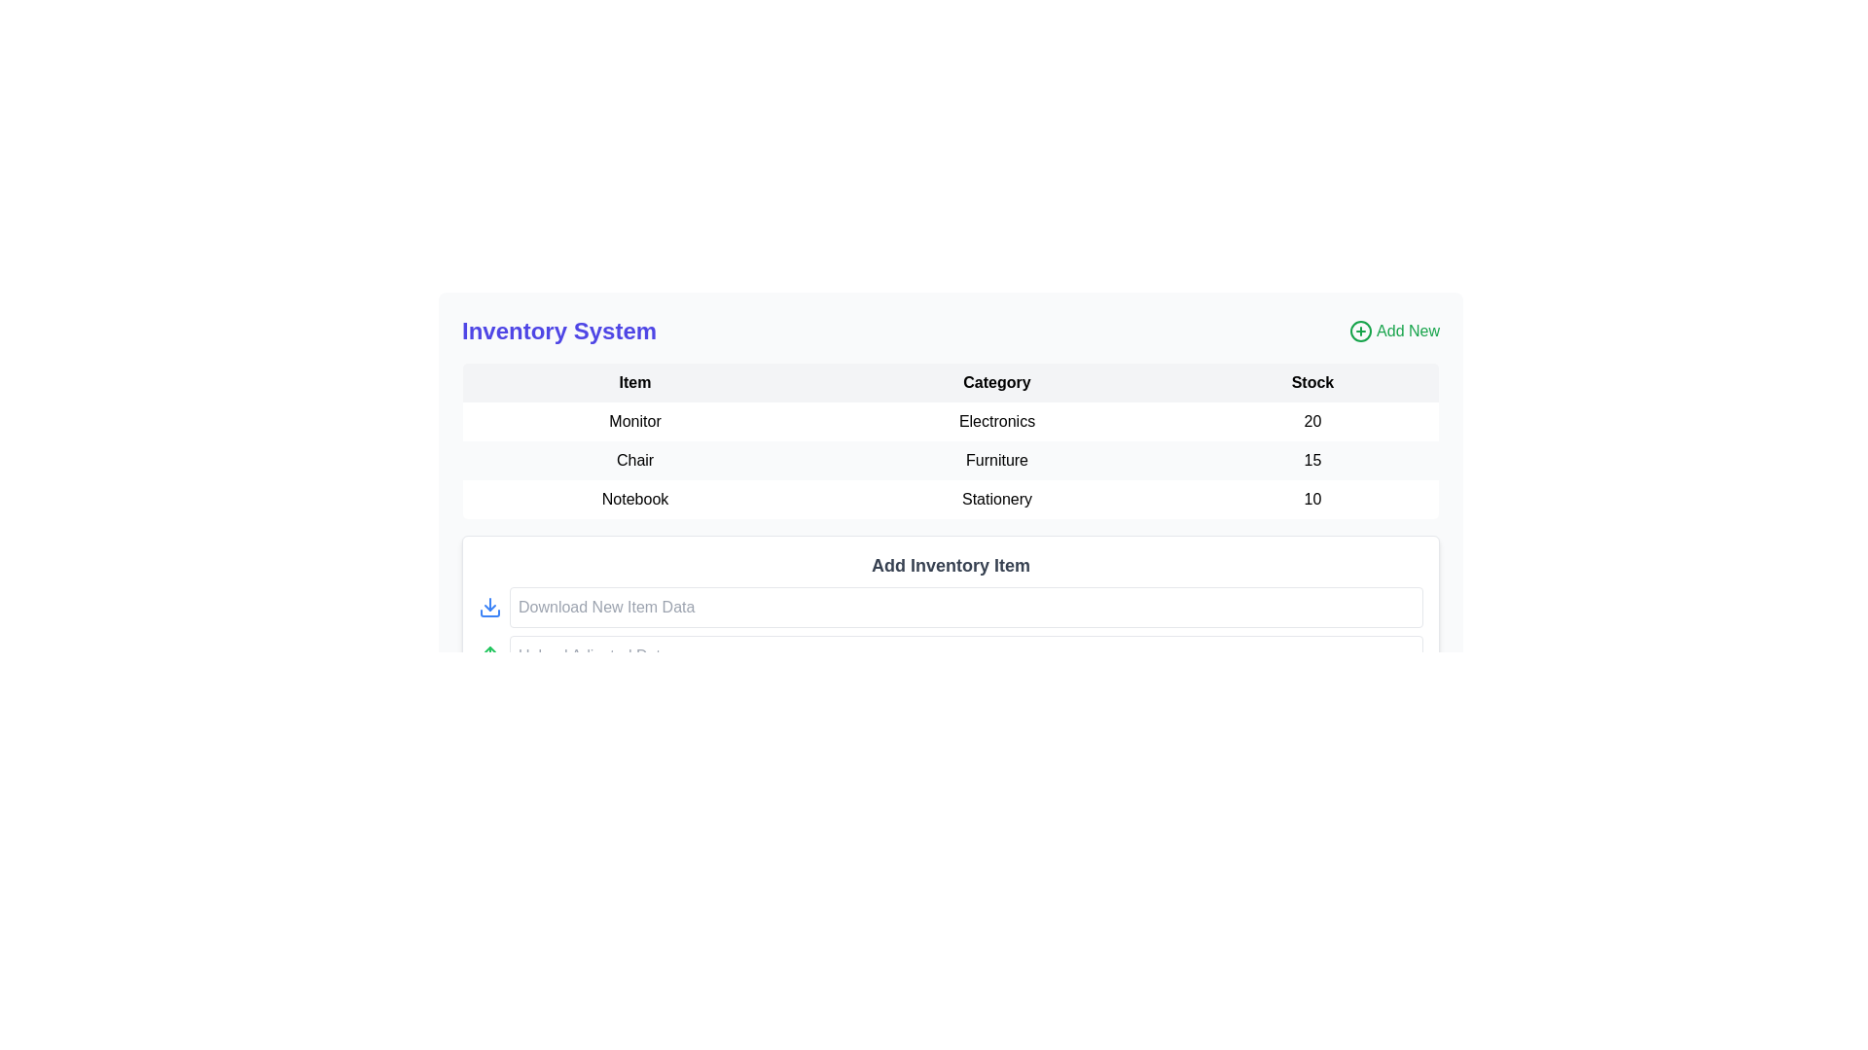  Describe the element at coordinates (1360, 330) in the screenshot. I see `the small circular icon with a green outline and a cross inside, located near the text 'Add New' in the top-right corner of the interface` at that location.